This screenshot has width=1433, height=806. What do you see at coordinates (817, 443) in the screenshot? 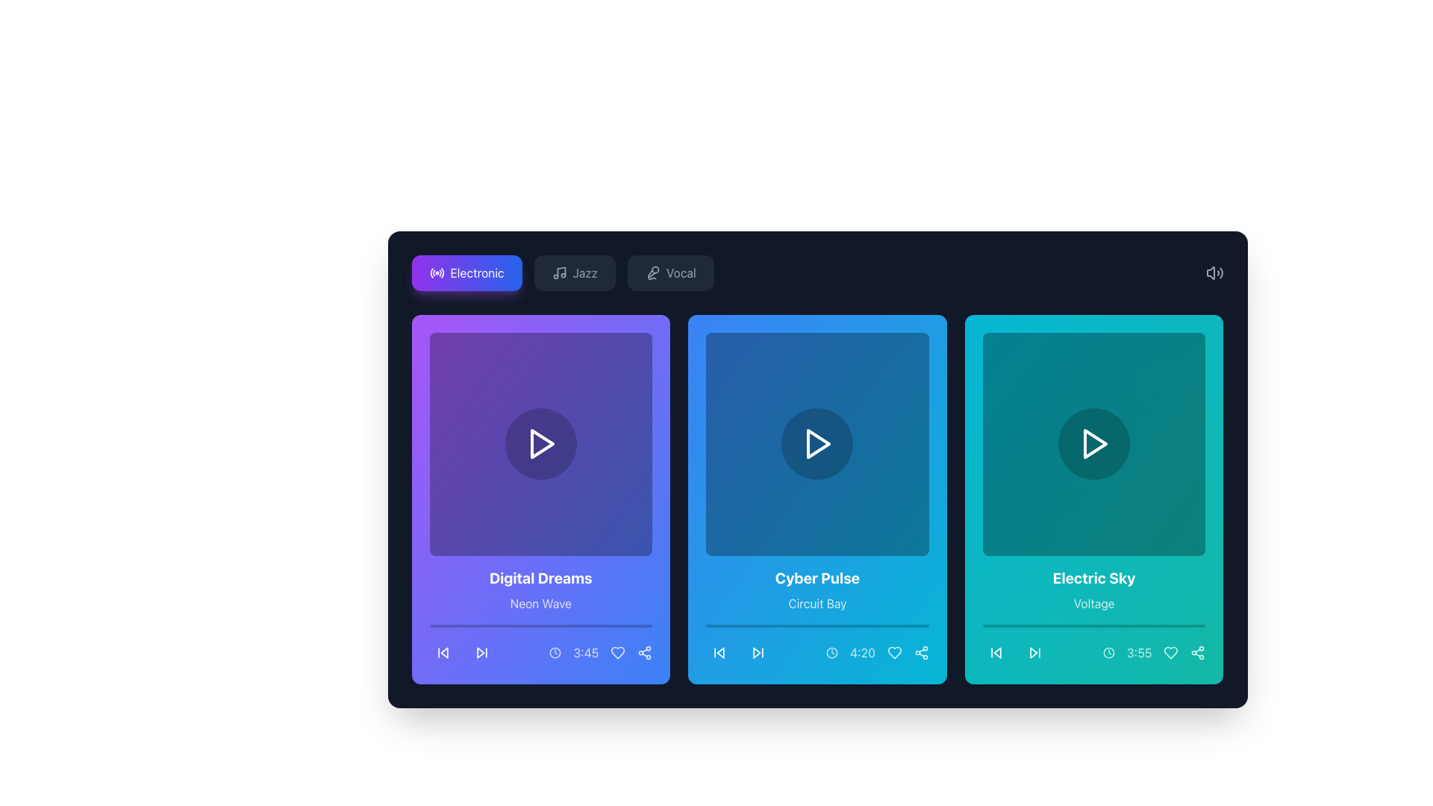
I see `the play button located in the 'Cyber Pulse' card, which is the second card in a sequence of three` at bounding box center [817, 443].